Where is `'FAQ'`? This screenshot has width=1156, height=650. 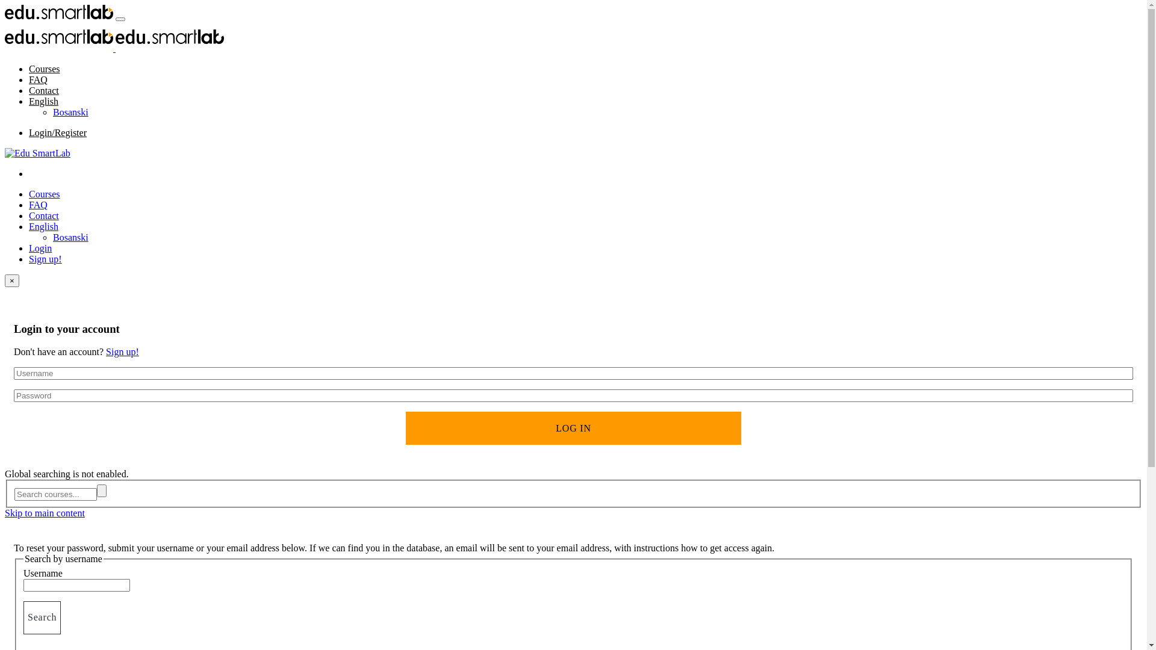 'FAQ' is located at coordinates (29, 79).